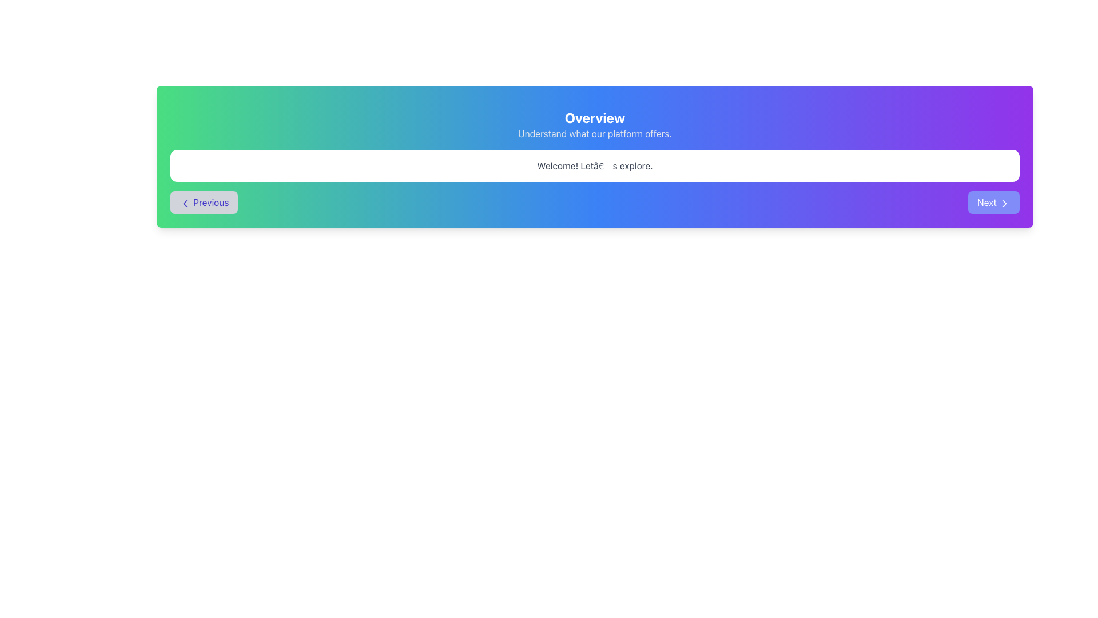  I want to click on the static text label that provides a brief description of the platform's offerings, positioned below the 'Overview' heading, so click(595, 133).